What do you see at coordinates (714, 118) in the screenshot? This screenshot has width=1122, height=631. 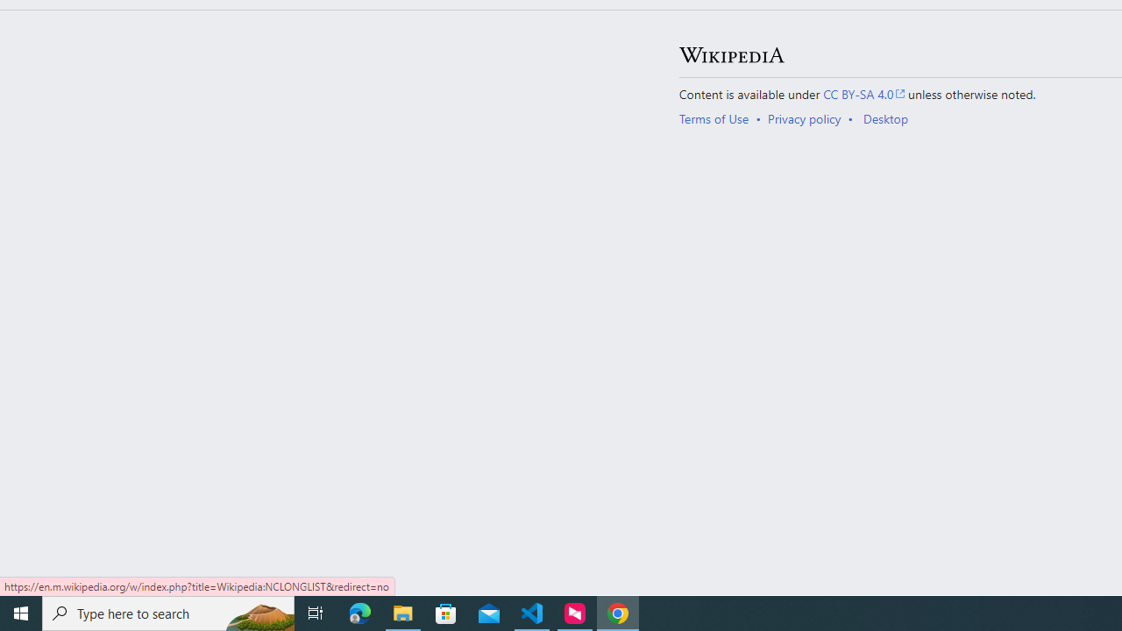 I see `'Terms of Use'` at bounding box center [714, 118].